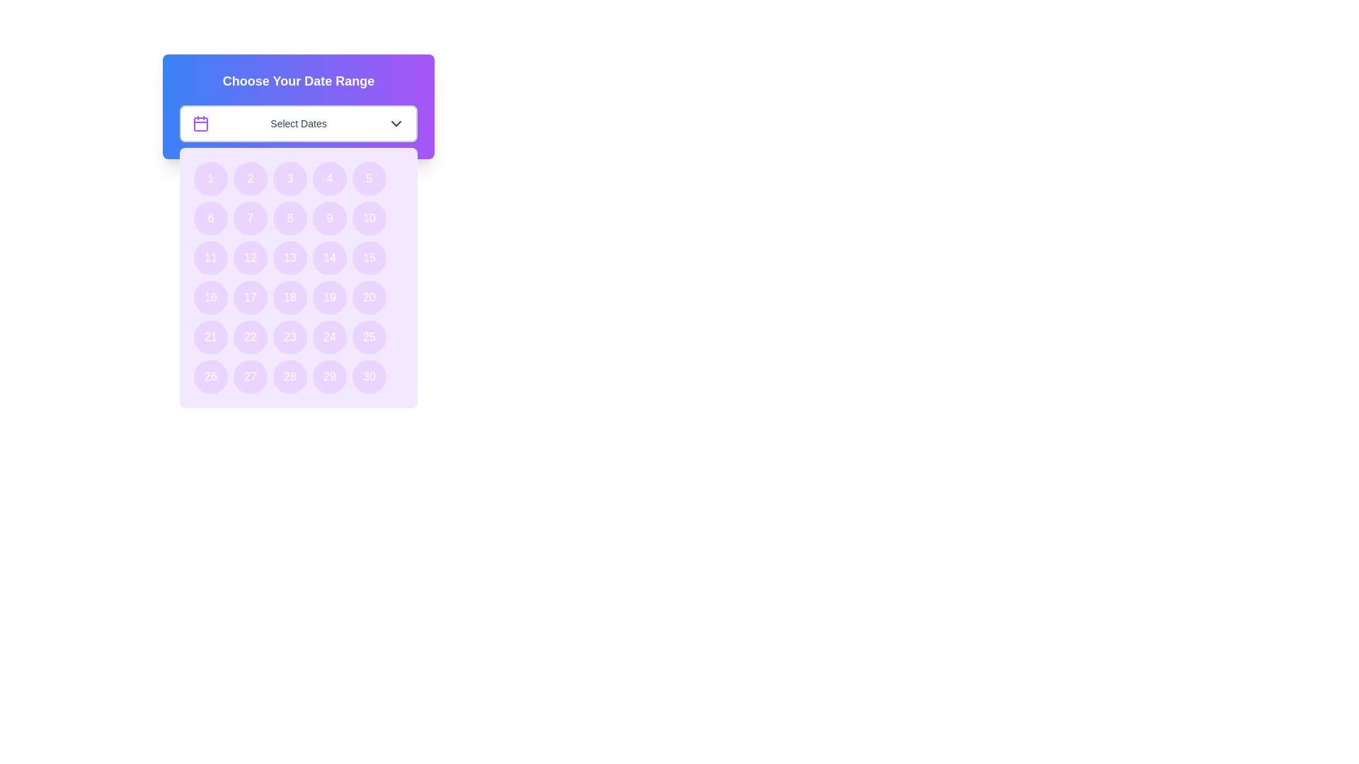 This screenshot has height=764, width=1359. What do you see at coordinates (298, 122) in the screenshot?
I see `text label 'Select Dates' that is positioned between the calendar icon and the dropdown indicator in the toolbar` at bounding box center [298, 122].